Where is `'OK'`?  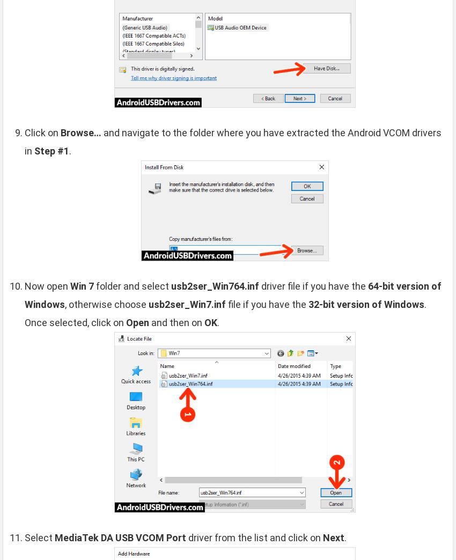
'OK' is located at coordinates (211, 322).